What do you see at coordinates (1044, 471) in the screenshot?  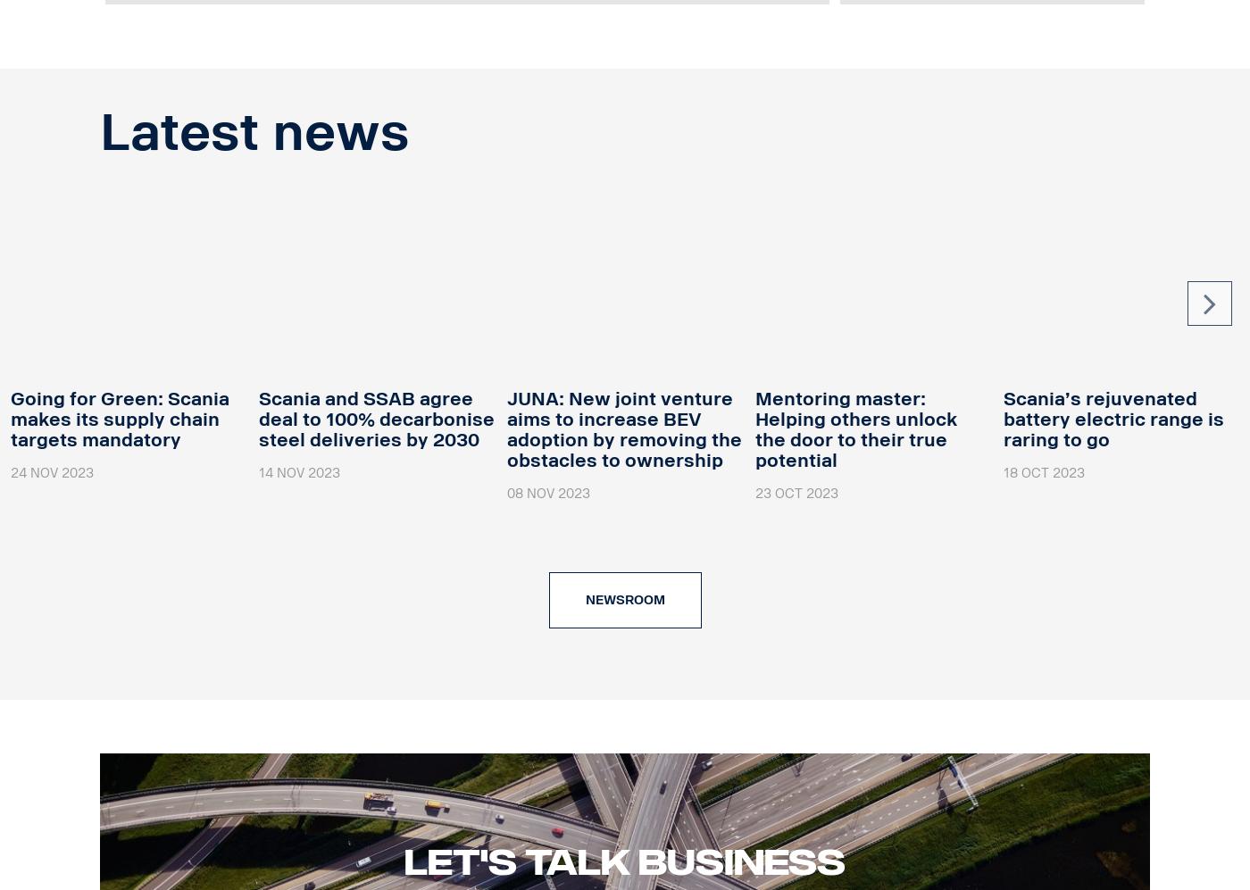 I see `'18 Oct 2023'` at bounding box center [1044, 471].